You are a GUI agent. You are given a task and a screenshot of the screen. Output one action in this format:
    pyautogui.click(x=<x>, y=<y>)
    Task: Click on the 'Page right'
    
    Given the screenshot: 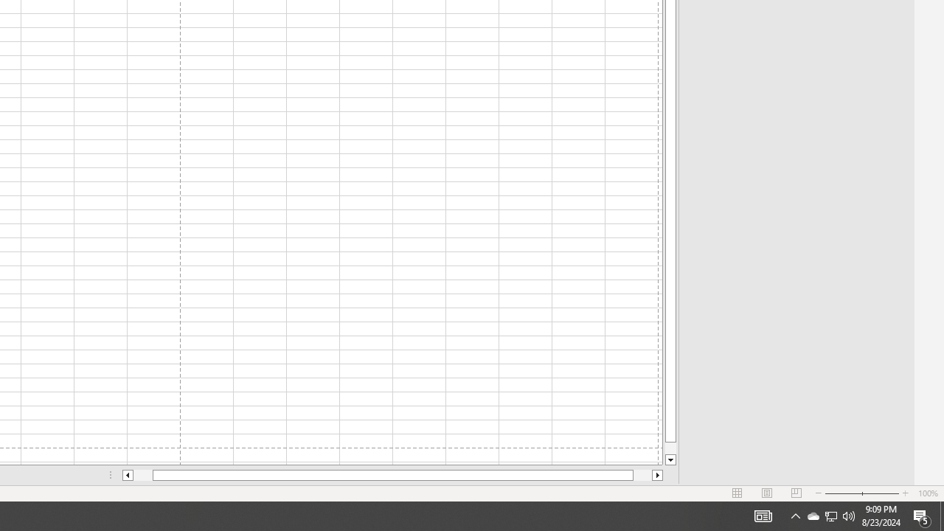 What is the action you would take?
    pyautogui.click(x=642, y=475)
    